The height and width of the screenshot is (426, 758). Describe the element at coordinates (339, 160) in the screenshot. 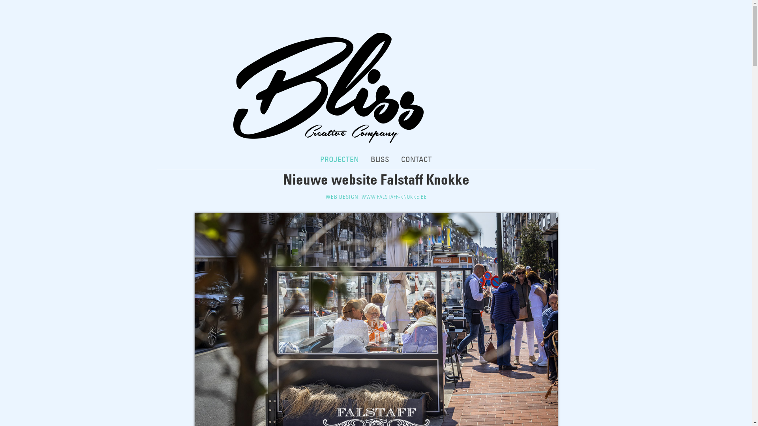

I see `'PROJECTEN'` at that location.